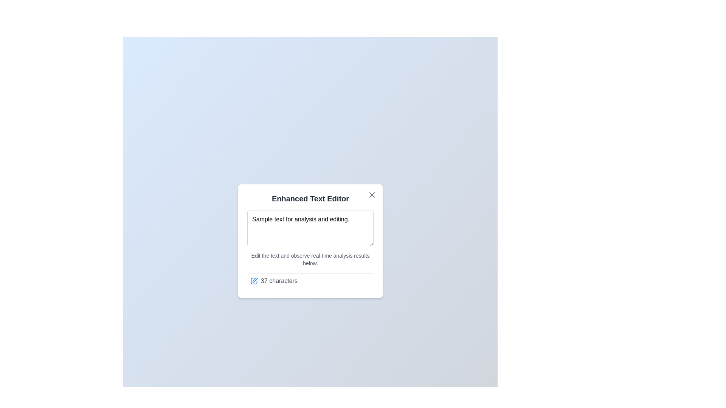  I want to click on the textarea to focus and enable text editing, so click(310, 228).